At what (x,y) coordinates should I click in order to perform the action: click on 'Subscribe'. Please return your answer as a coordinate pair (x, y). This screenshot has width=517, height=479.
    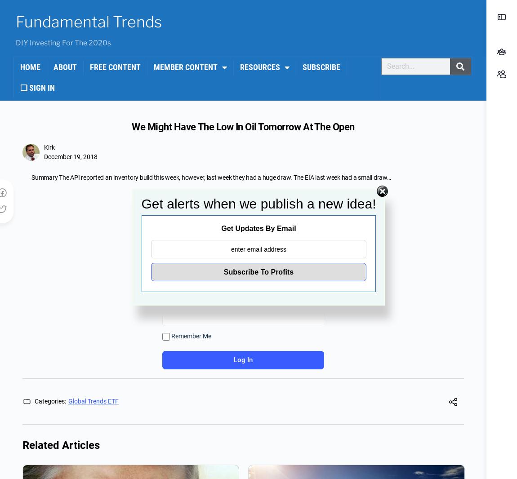
    Looking at the image, I should click on (321, 67).